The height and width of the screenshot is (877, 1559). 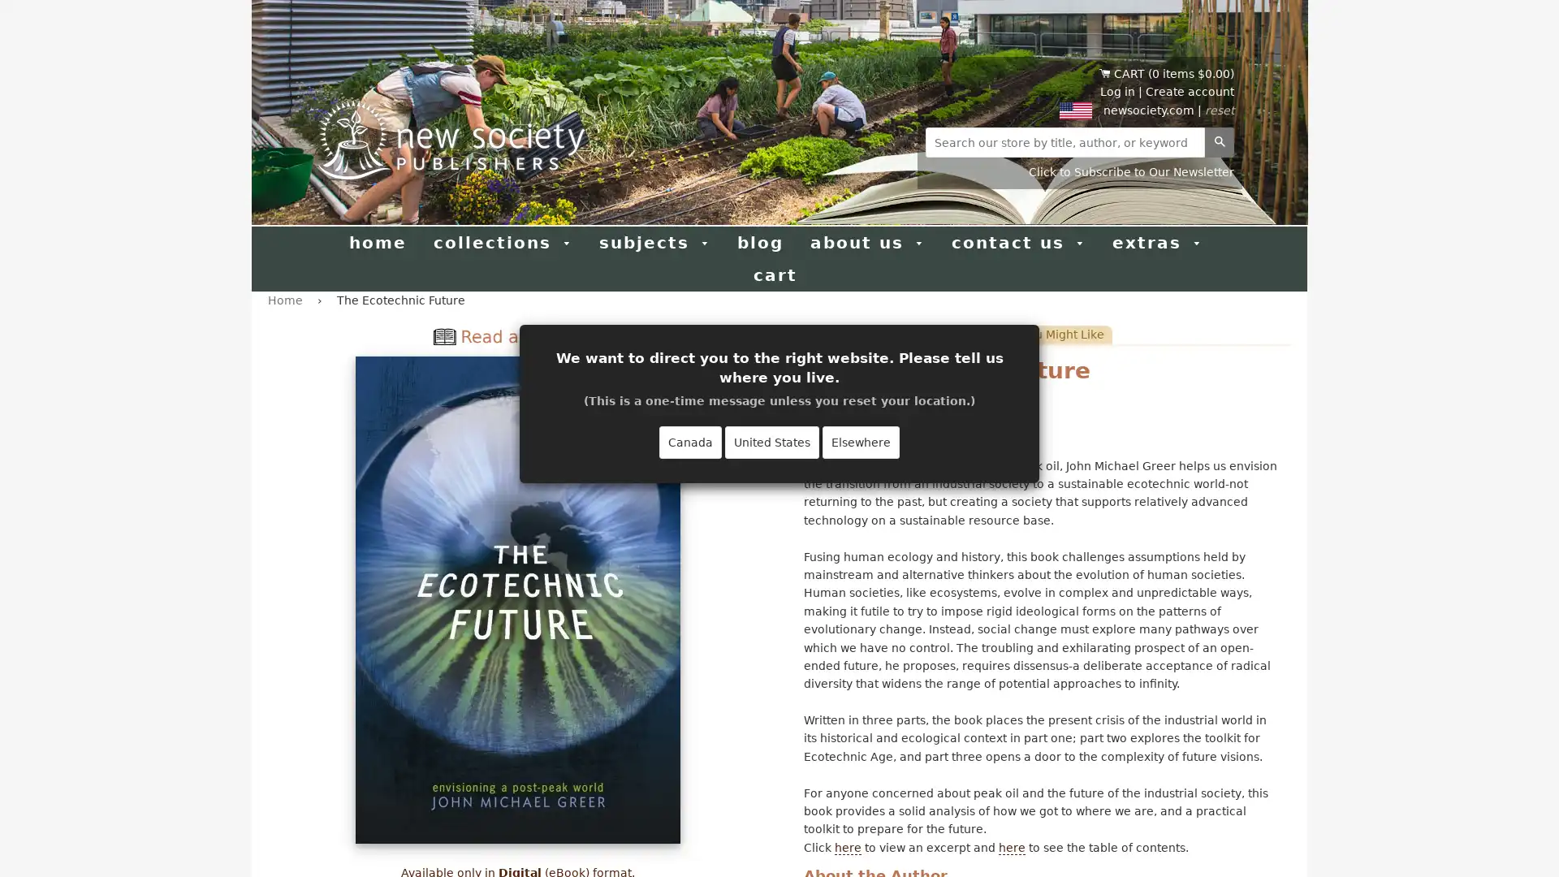 What do you see at coordinates (860, 442) in the screenshot?
I see `Elsewhere` at bounding box center [860, 442].